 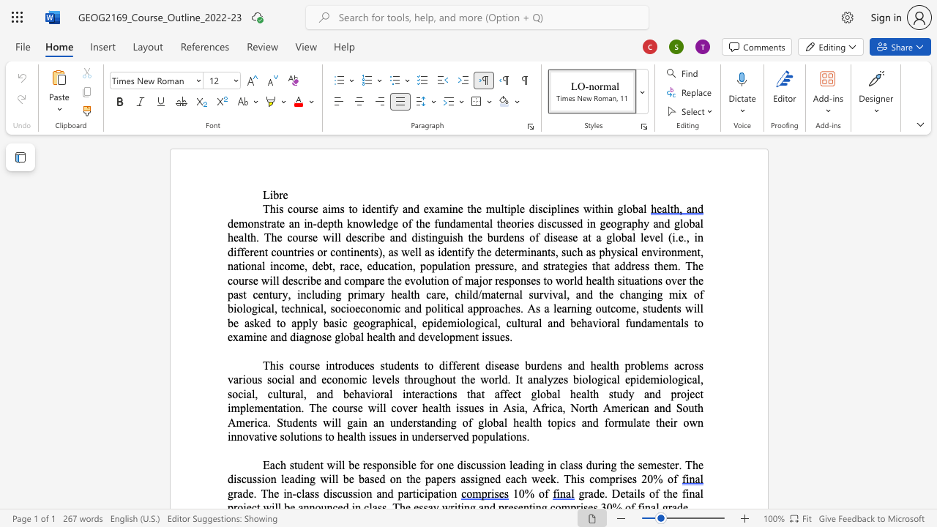 I want to click on the space between the continuous character "i" and "n" in the text, so click(x=354, y=251).